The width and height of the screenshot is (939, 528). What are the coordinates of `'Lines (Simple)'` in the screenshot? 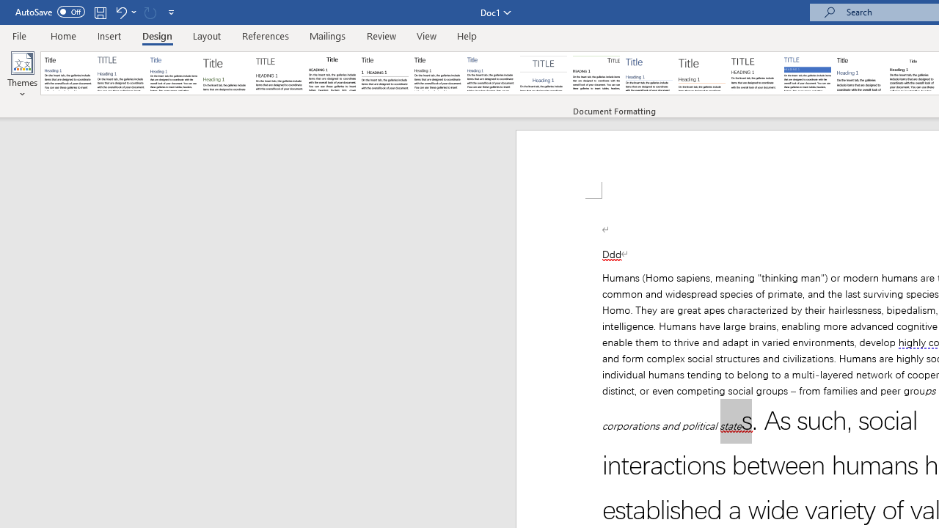 It's located at (648, 73).